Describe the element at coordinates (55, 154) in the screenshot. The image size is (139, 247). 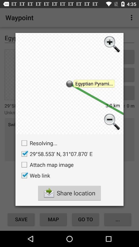
I see `icon above attach map image icon` at that location.